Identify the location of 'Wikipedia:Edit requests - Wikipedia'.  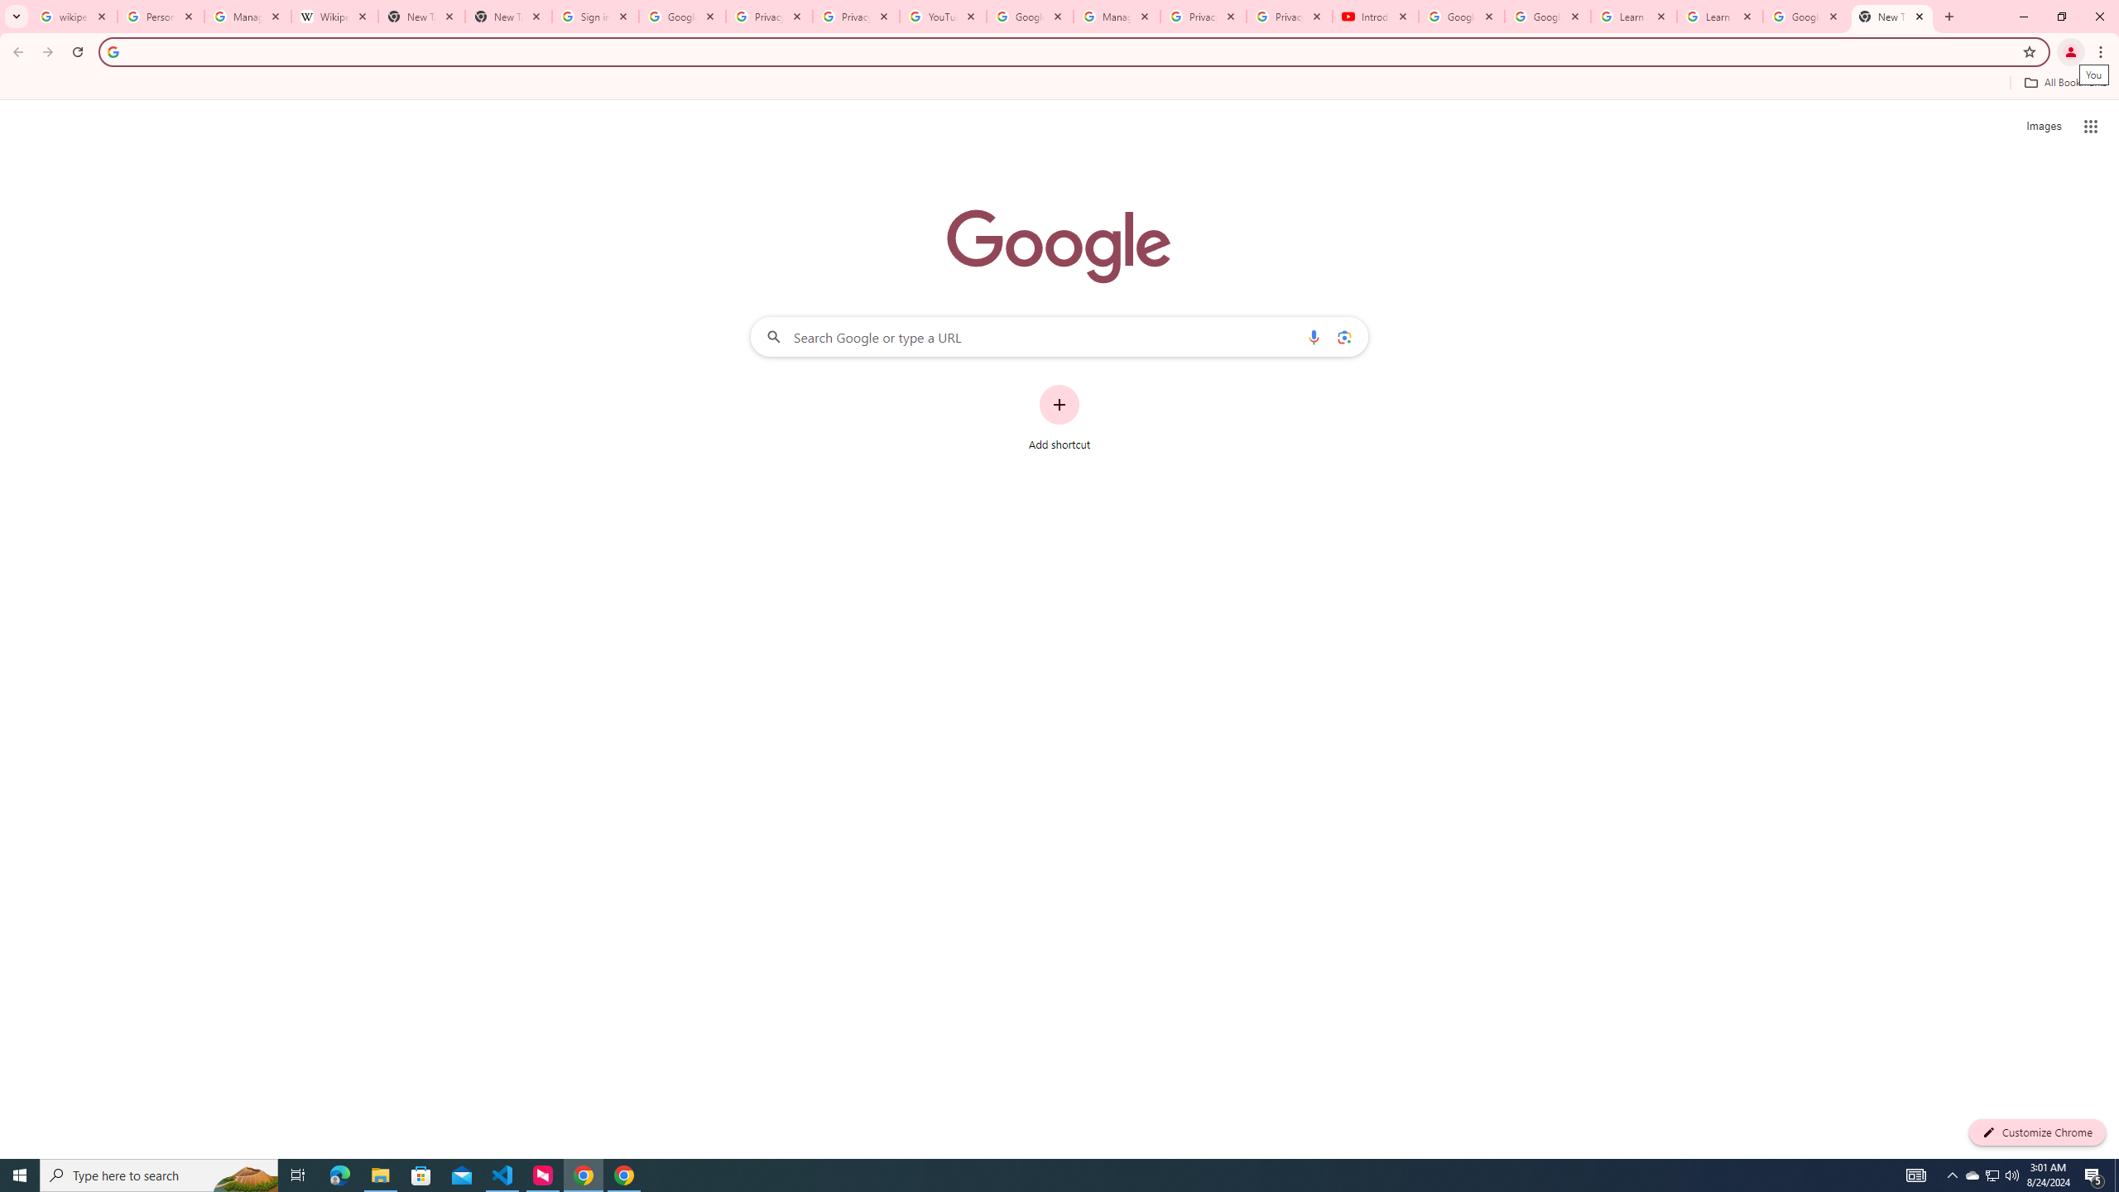
(334, 16).